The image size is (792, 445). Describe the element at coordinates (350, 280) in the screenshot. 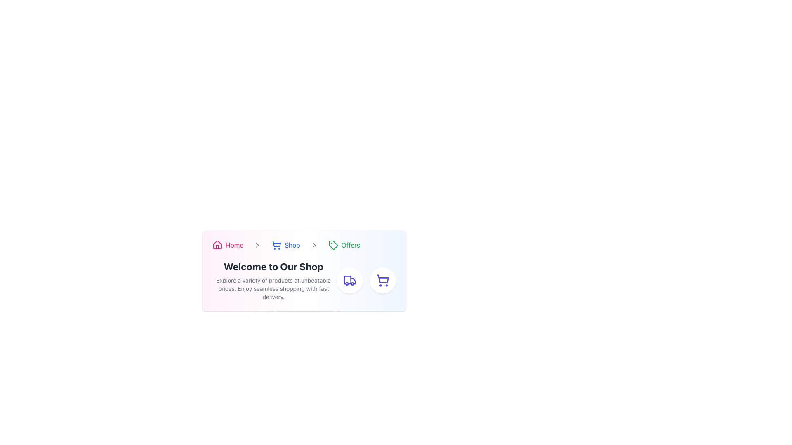

I see `the delivery truck icon button located within a circular control on the right-hand side of the welcome panel` at that location.